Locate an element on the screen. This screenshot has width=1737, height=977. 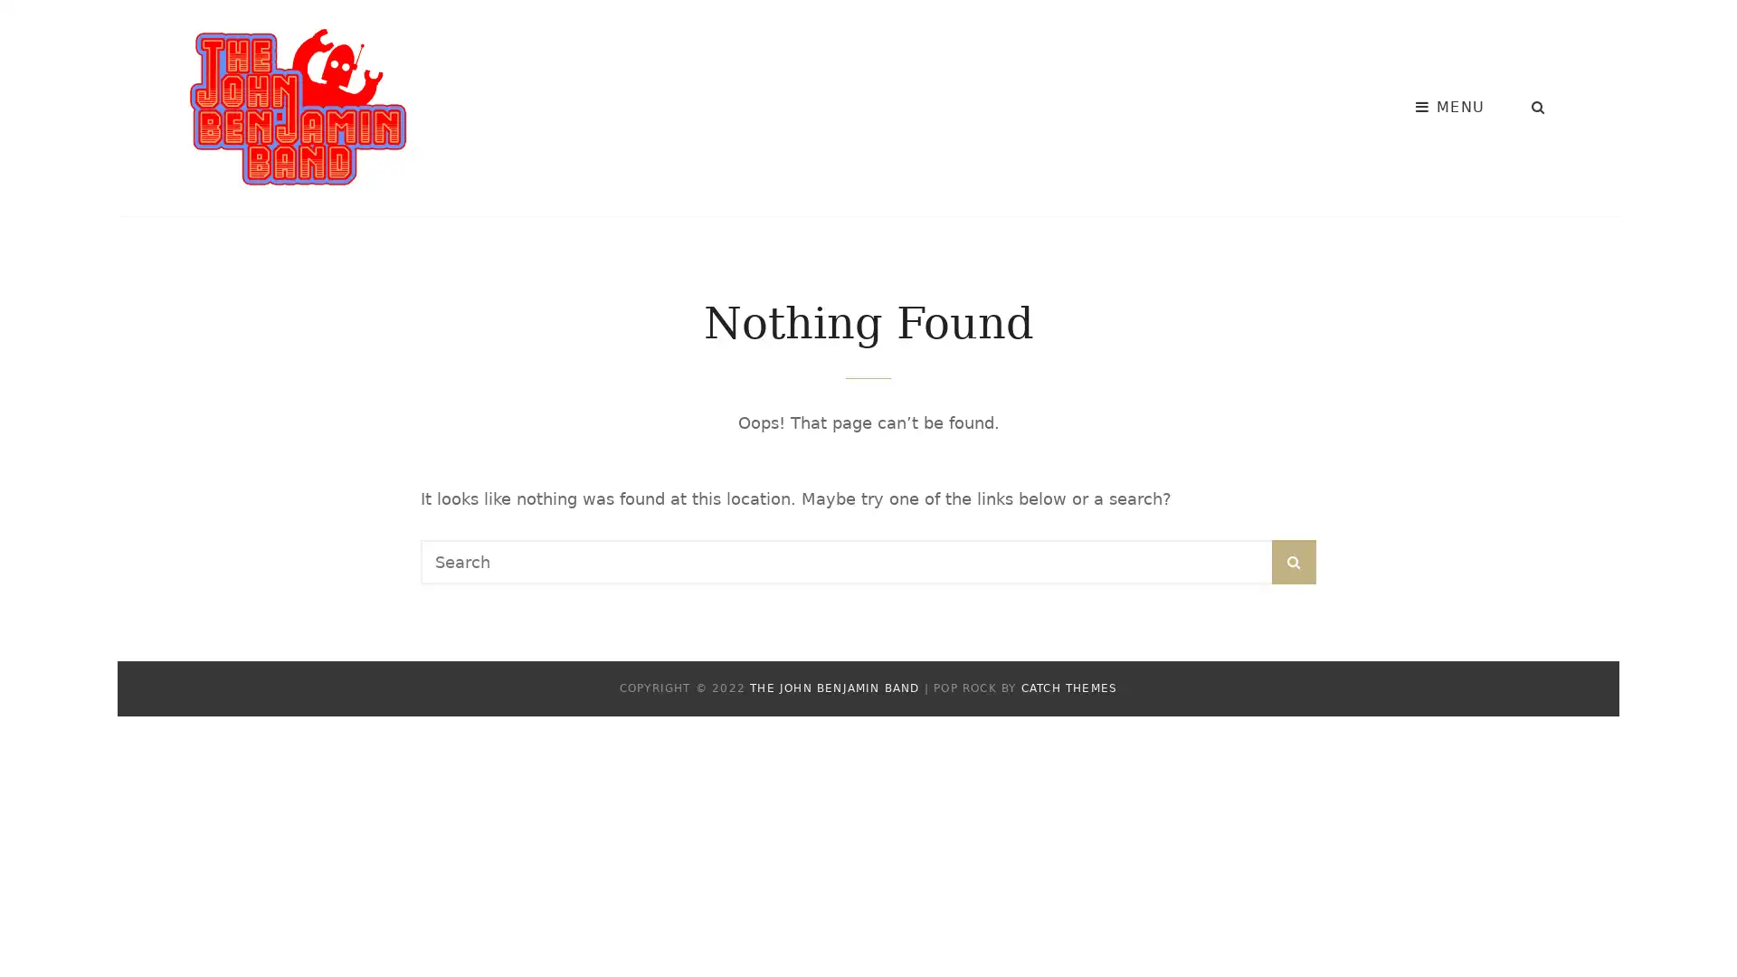
MENU is located at coordinates (1450, 107).